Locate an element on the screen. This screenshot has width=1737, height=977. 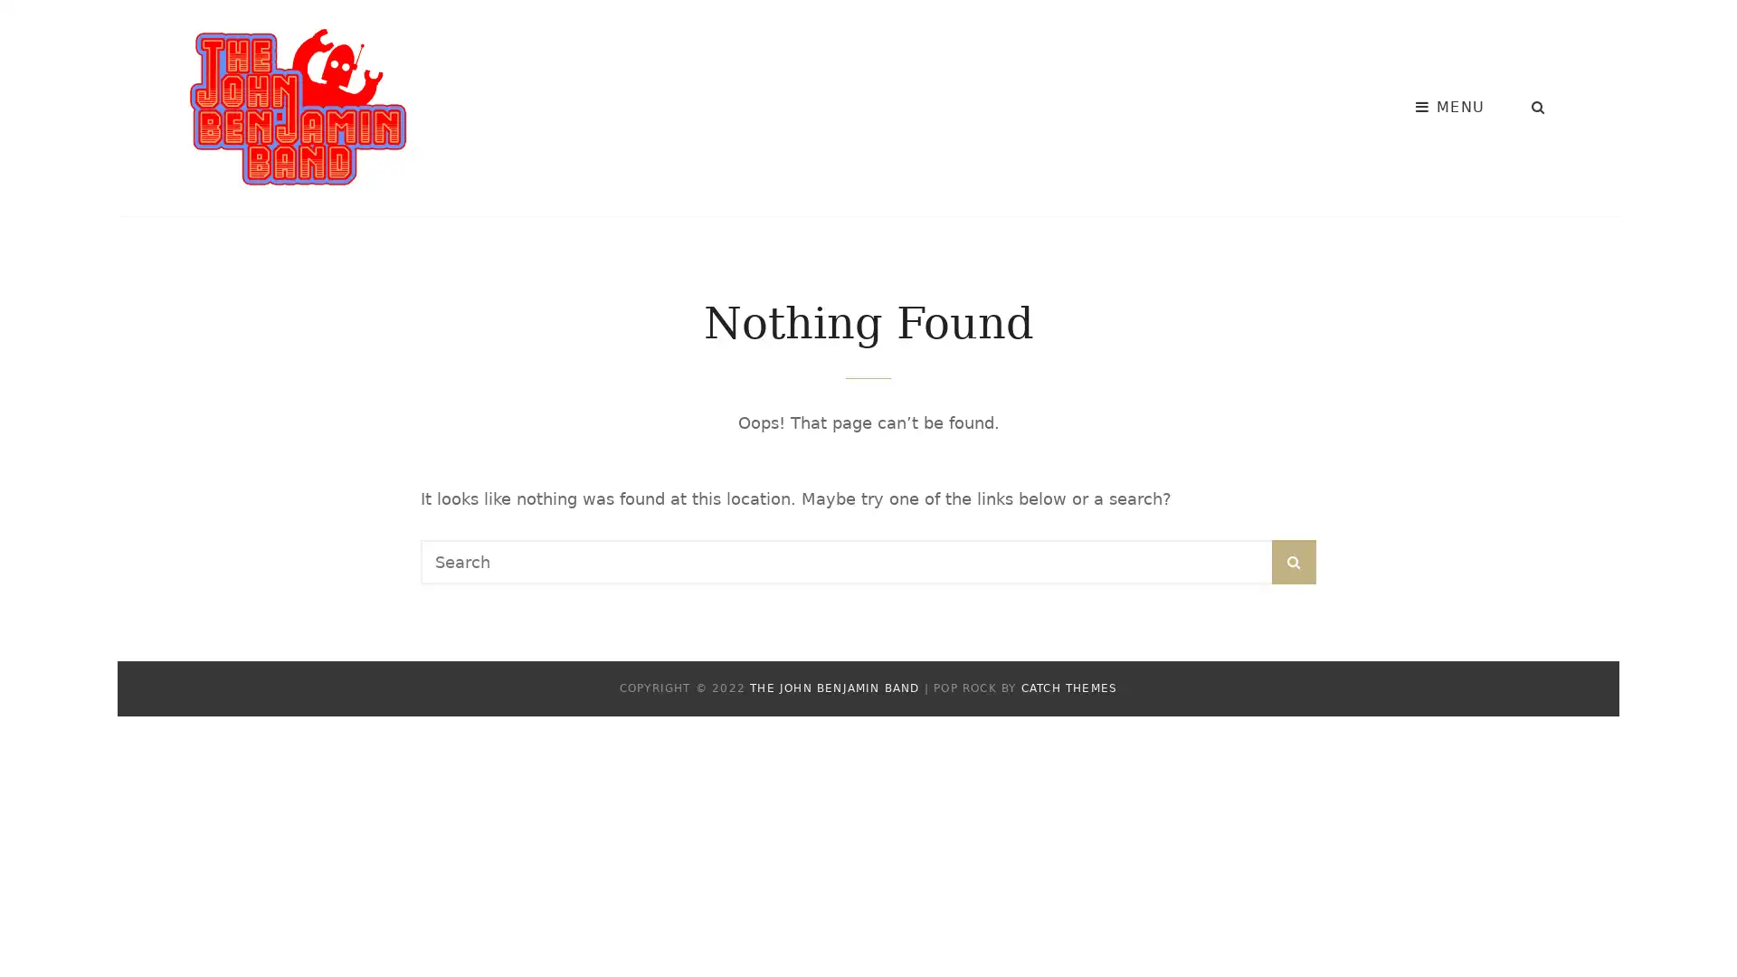
MENU is located at coordinates (1450, 107).